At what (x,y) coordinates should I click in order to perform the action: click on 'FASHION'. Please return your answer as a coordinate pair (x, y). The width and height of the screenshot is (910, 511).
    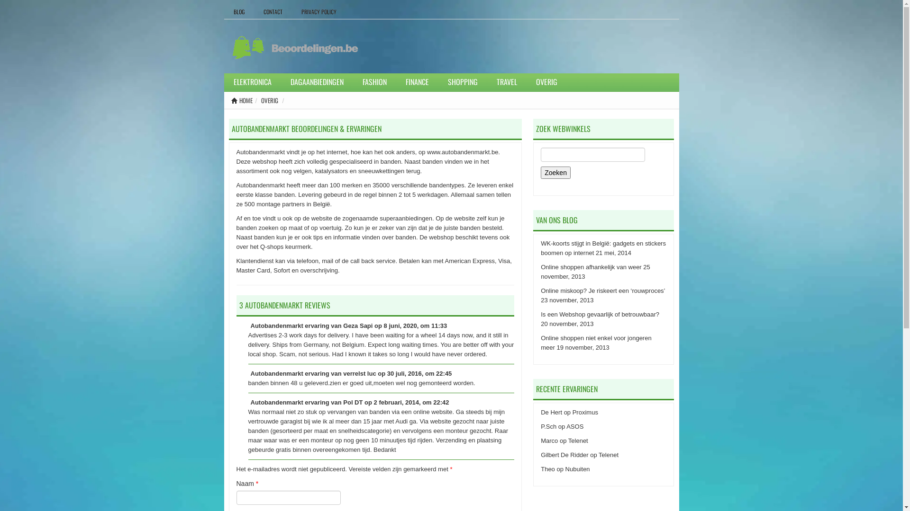
    Looking at the image, I should click on (373, 81).